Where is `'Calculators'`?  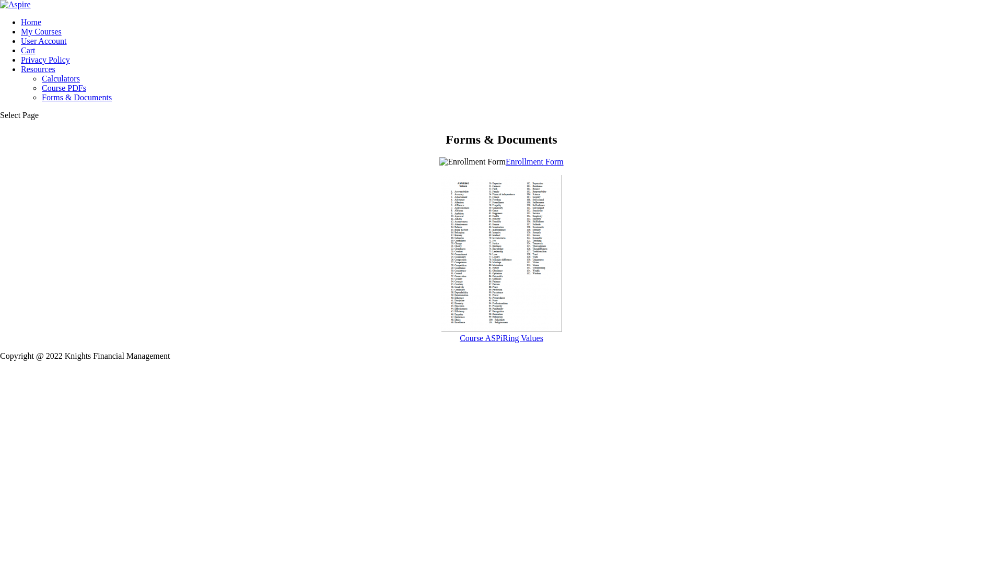 'Calculators' is located at coordinates (60, 78).